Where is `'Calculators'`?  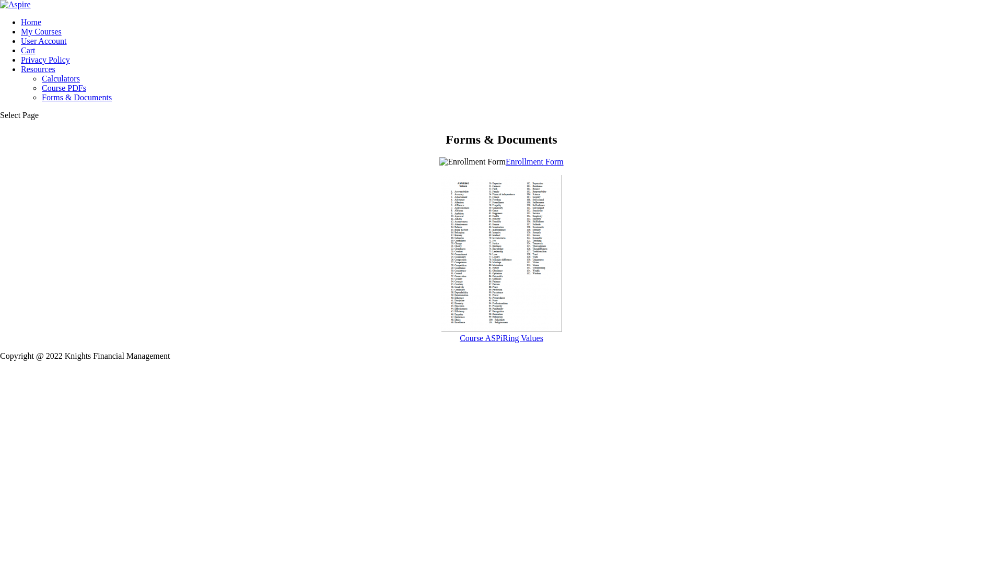 'Calculators' is located at coordinates (60, 78).